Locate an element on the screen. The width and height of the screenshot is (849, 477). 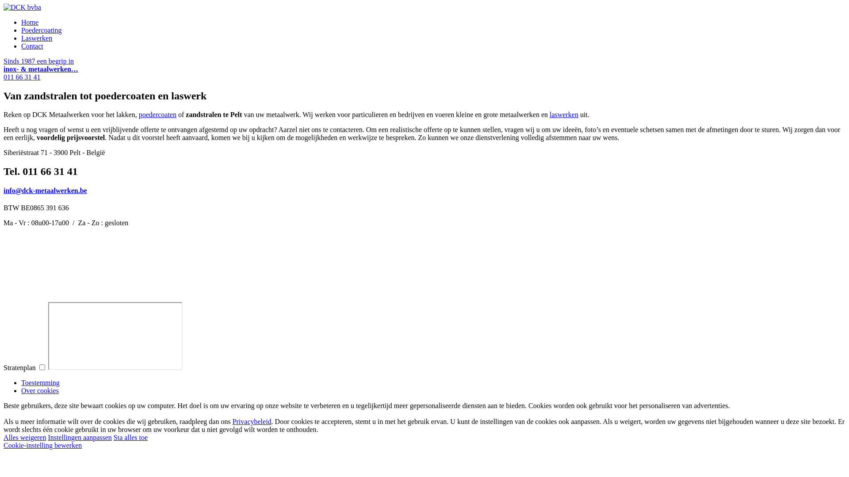
'Home' is located at coordinates (30, 22).